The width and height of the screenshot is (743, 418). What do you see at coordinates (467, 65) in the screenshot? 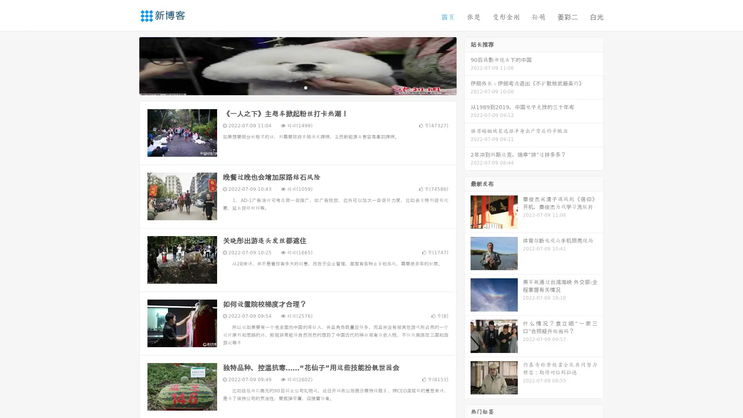
I see `Next slide` at bounding box center [467, 65].